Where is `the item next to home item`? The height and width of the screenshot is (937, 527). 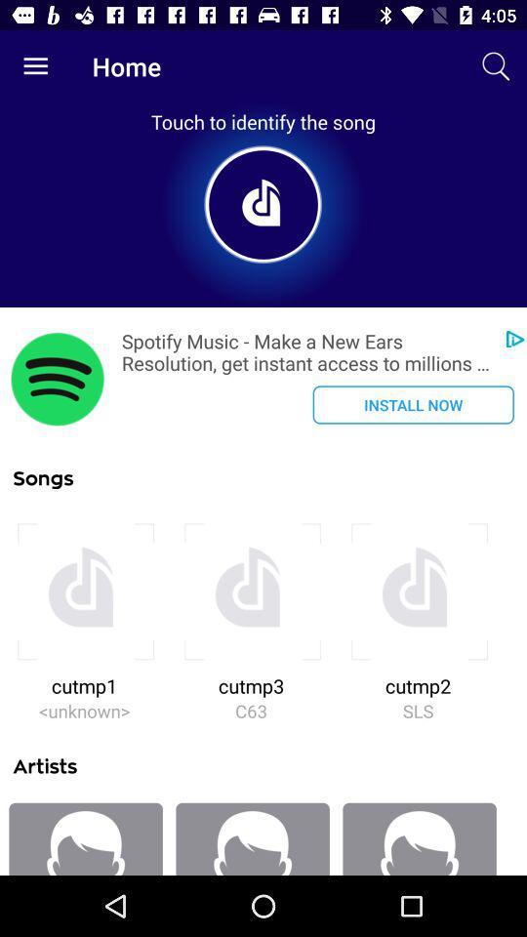 the item next to home item is located at coordinates (35, 66).